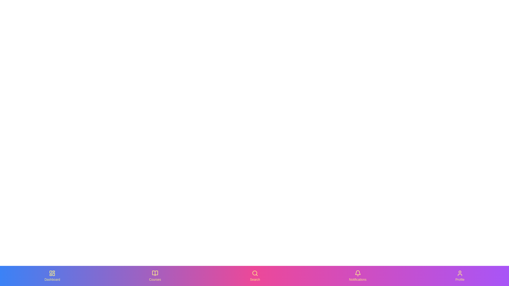 The width and height of the screenshot is (509, 286). What do you see at coordinates (155, 275) in the screenshot?
I see `the Courses icon in the bottom navigation bar` at bounding box center [155, 275].